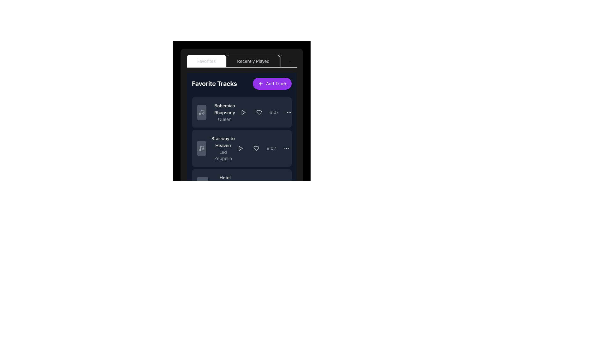  What do you see at coordinates (253, 61) in the screenshot?
I see `the 'Recently Played' text label in the tab navigation bar, which is located to the right of the 'Favorites' tab` at bounding box center [253, 61].